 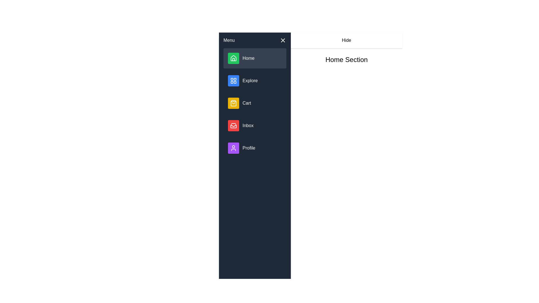 I want to click on the home SVG icon located at the top of the vertical navigation sidebar, so click(x=233, y=58).